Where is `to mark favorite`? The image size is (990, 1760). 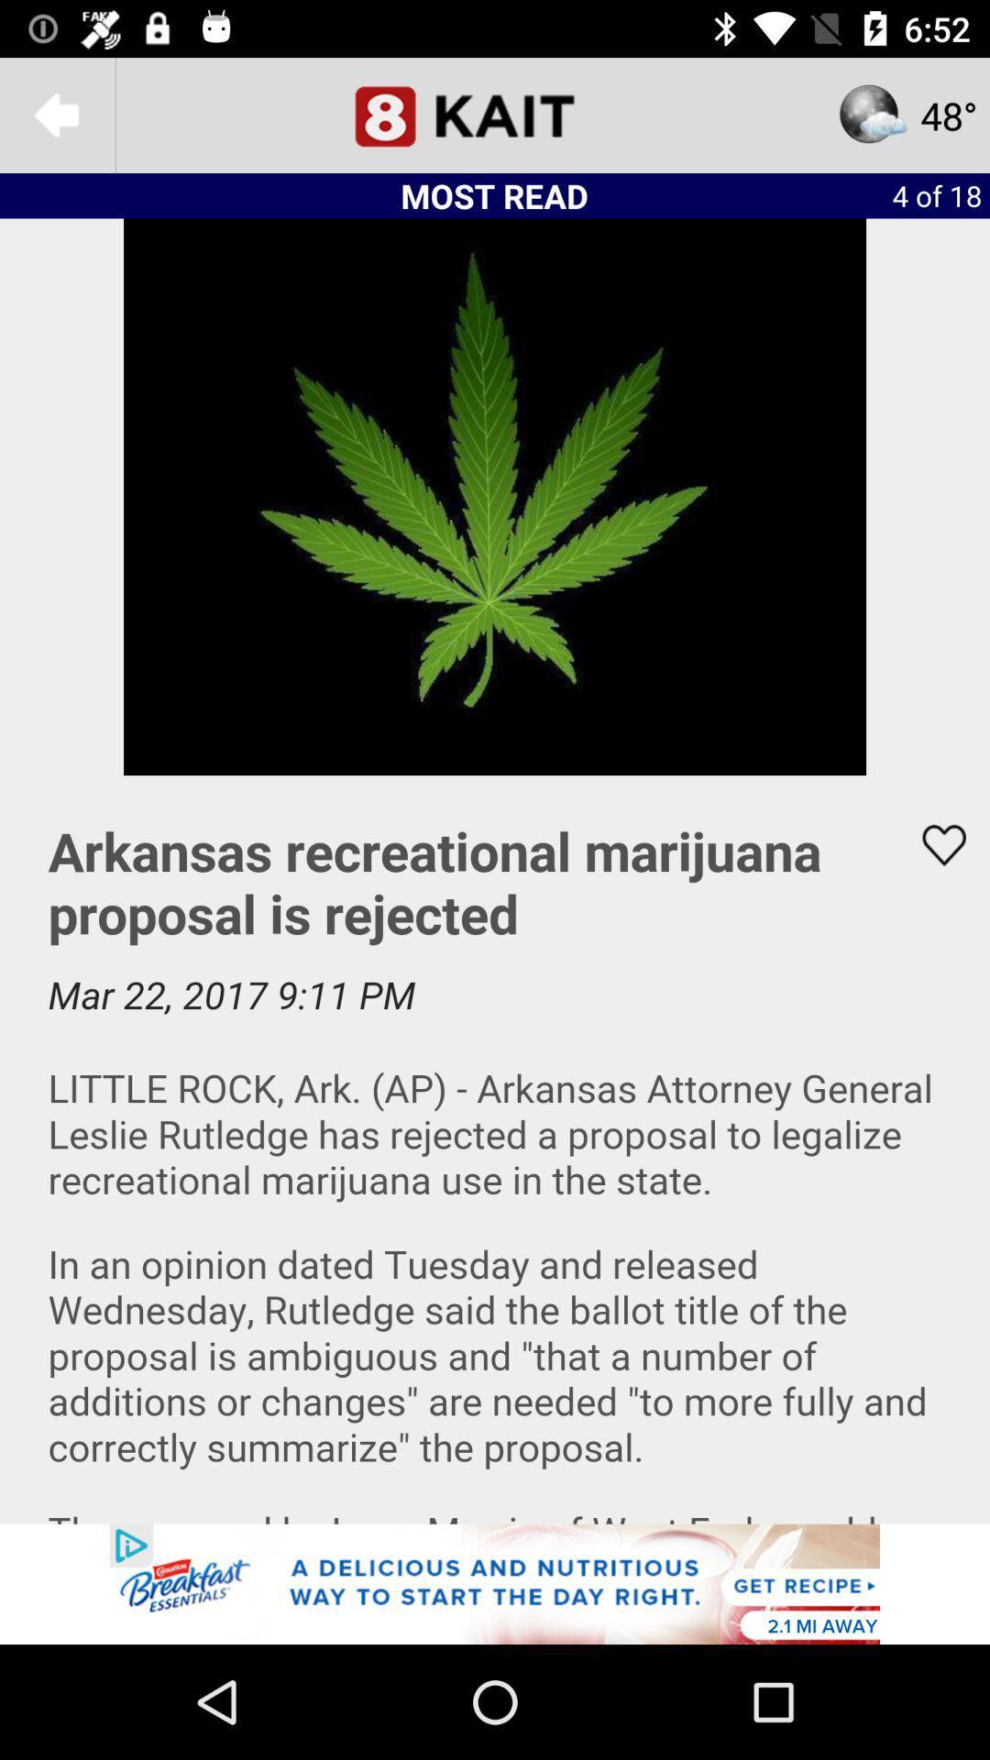
to mark favorite is located at coordinates (932, 844).